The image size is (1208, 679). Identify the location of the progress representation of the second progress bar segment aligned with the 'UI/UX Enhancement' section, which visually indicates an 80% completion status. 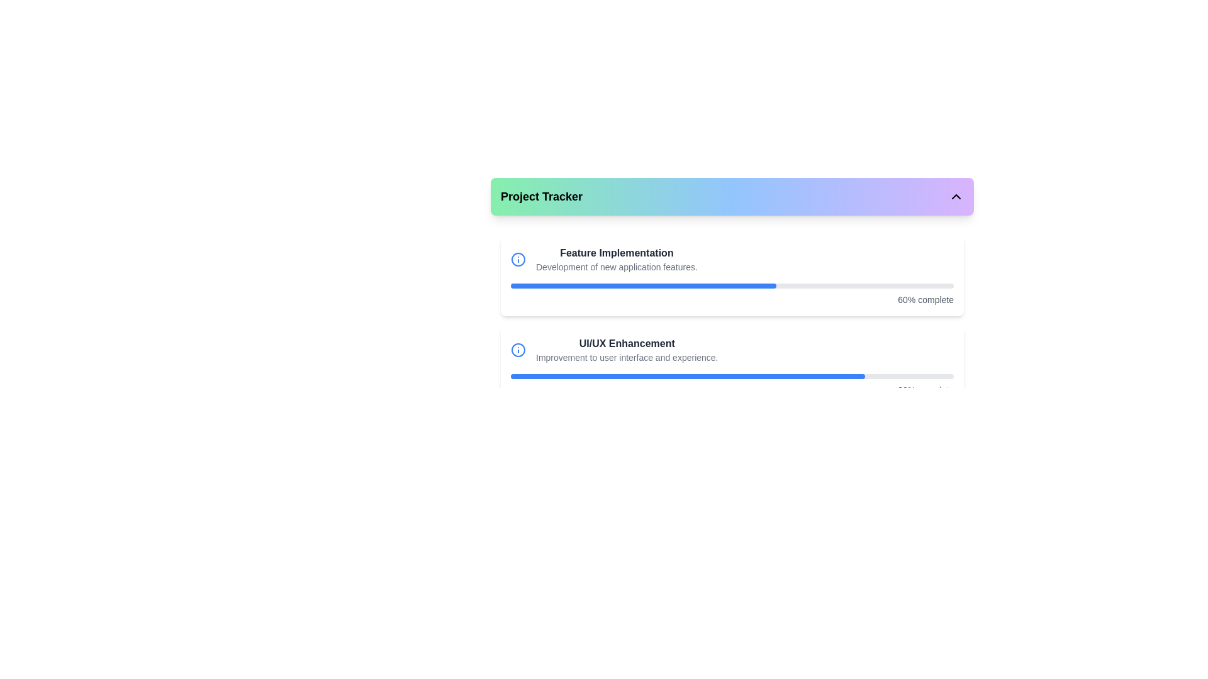
(687, 375).